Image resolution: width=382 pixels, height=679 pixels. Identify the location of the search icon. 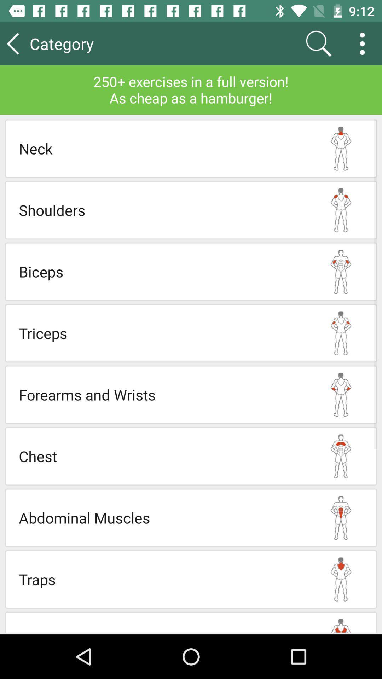
(318, 43).